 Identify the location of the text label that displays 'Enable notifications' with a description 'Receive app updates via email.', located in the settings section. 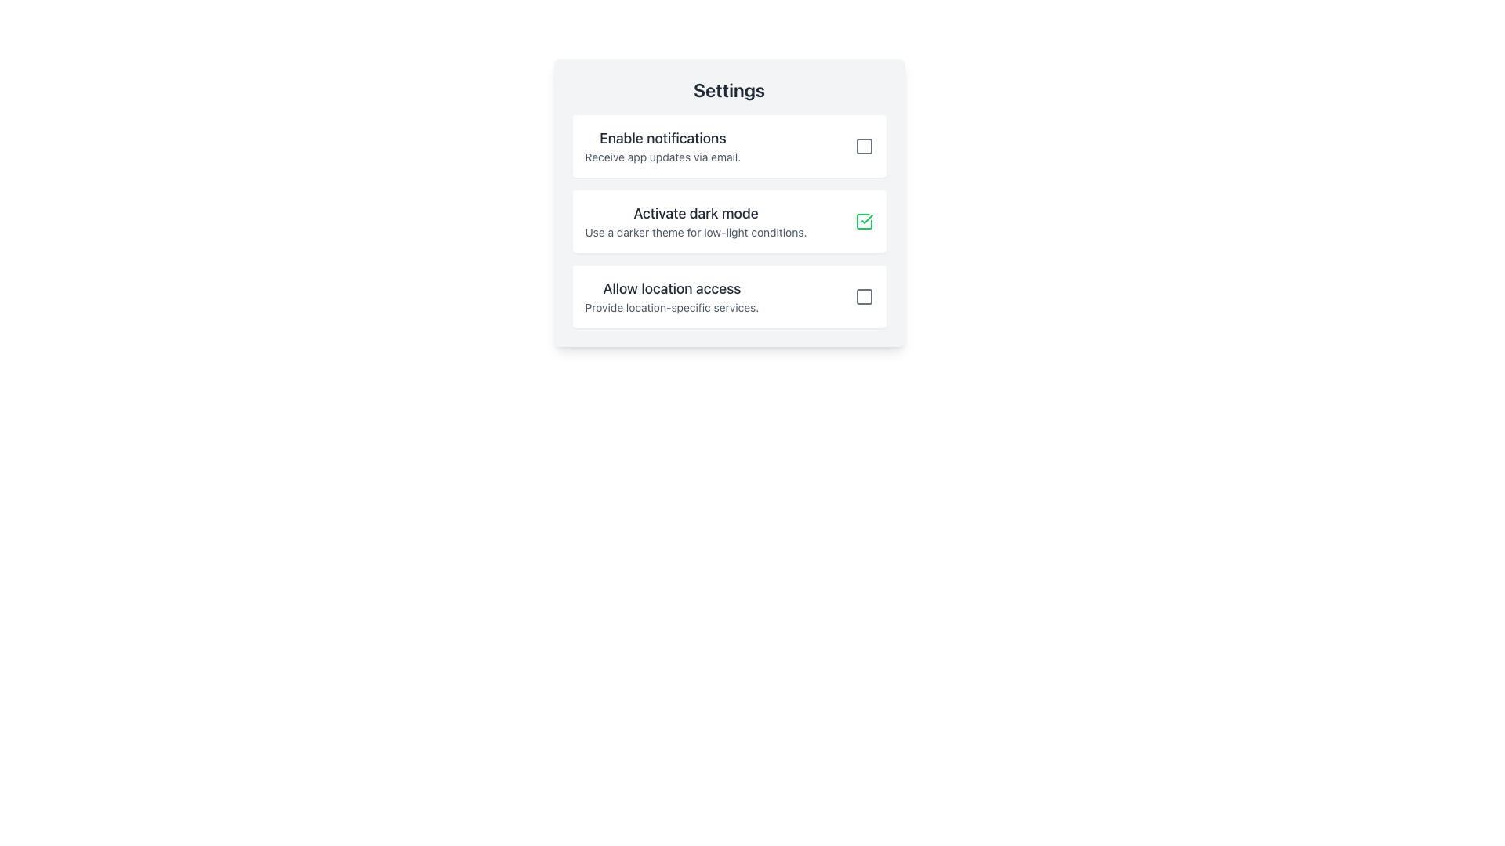
(662, 146).